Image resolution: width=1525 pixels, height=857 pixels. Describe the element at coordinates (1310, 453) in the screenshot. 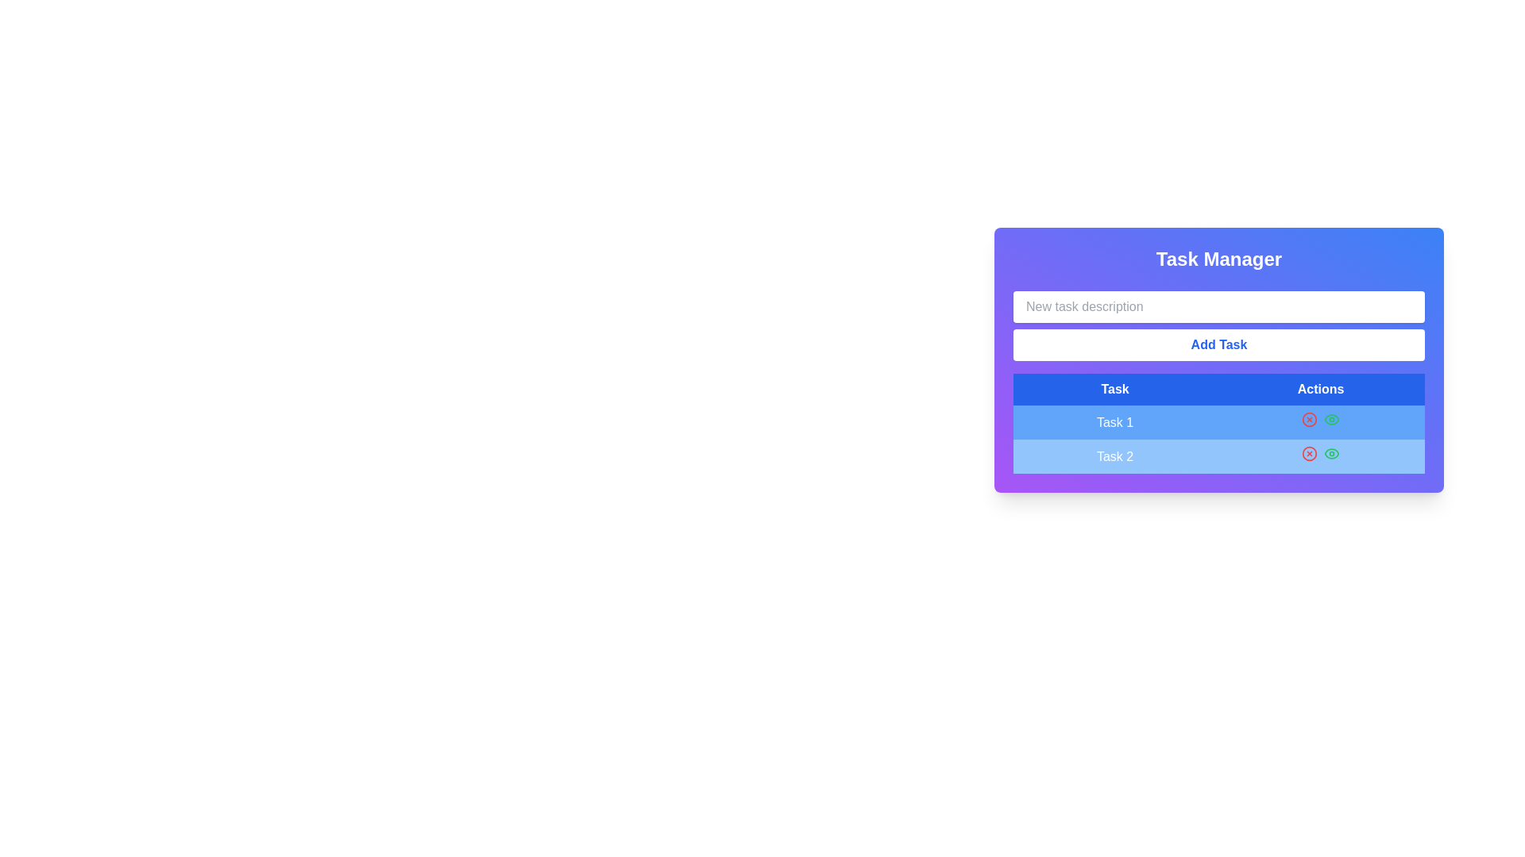

I see `the circular button with a red border and red cross inside it located in the 'Actions' column of the second row under the 'Task Manager' section` at that location.